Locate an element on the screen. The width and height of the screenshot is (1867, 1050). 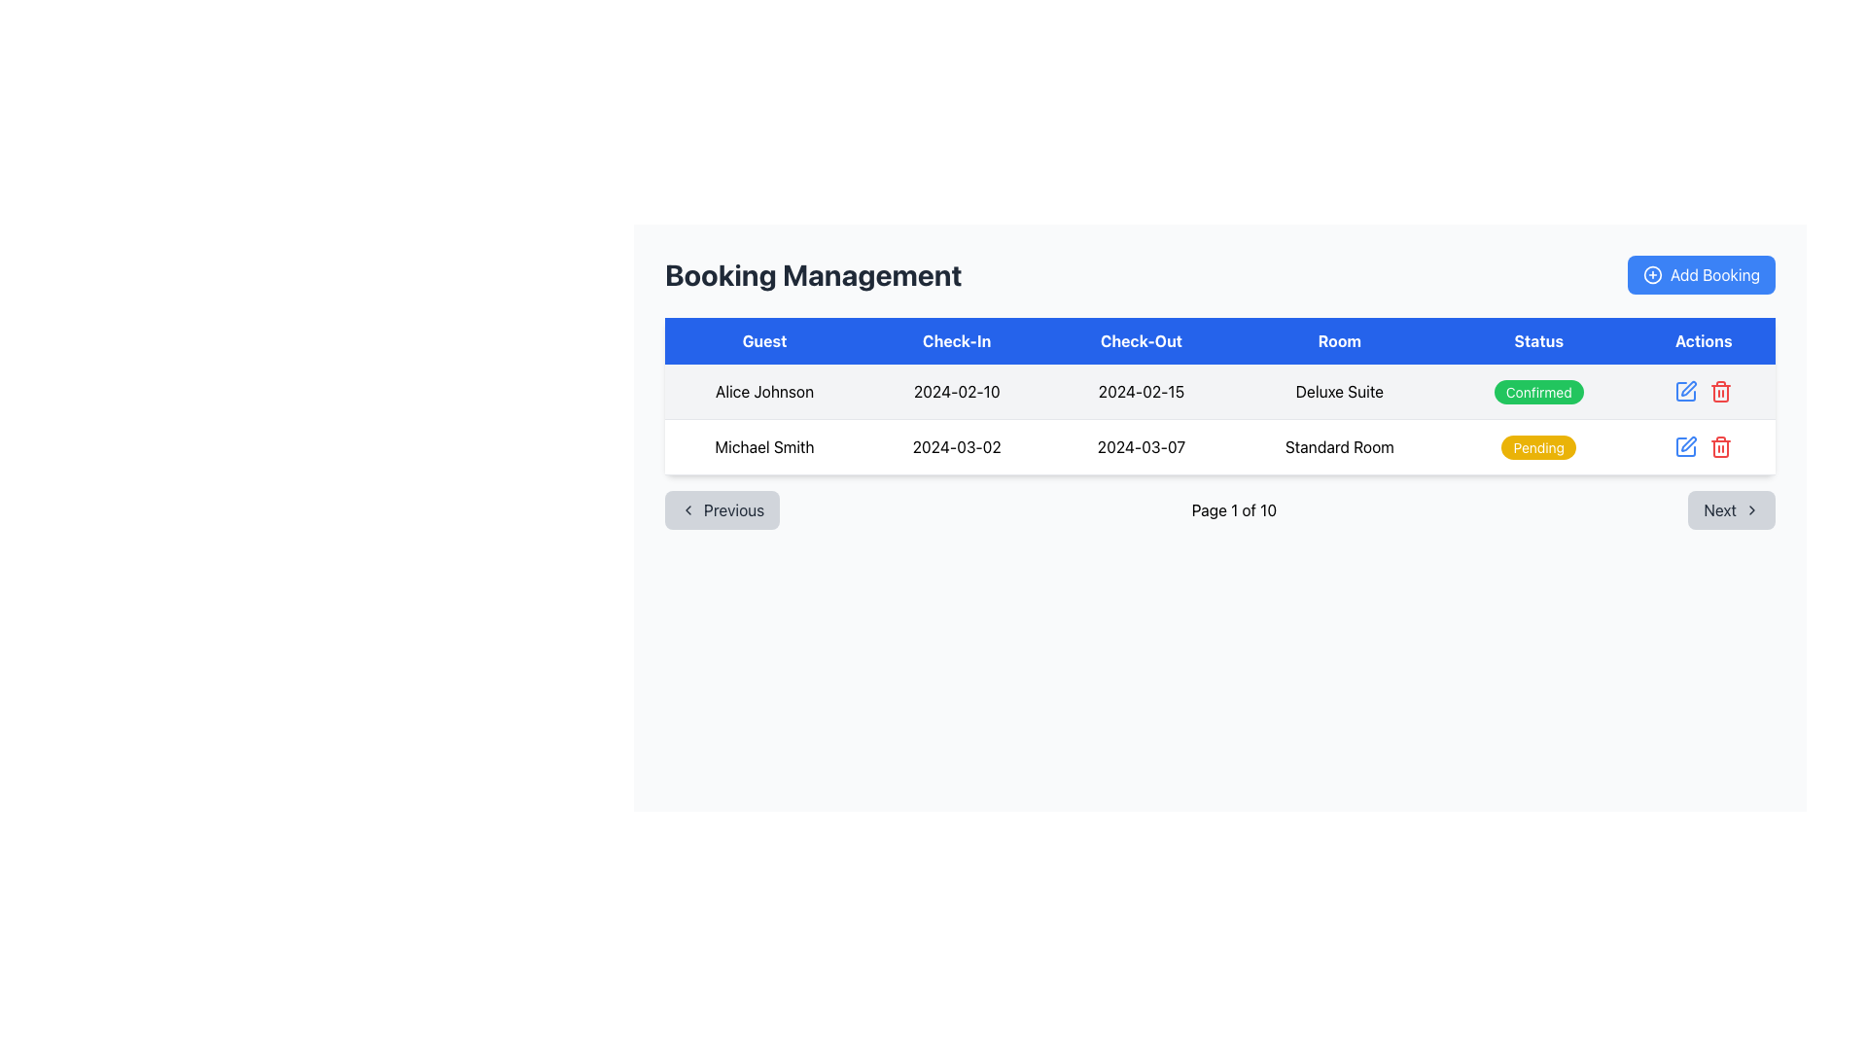
the 'Status' text label, which is styled as a header in white bold text and located on the right side of the header row in a table is located at coordinates (1537, 340).